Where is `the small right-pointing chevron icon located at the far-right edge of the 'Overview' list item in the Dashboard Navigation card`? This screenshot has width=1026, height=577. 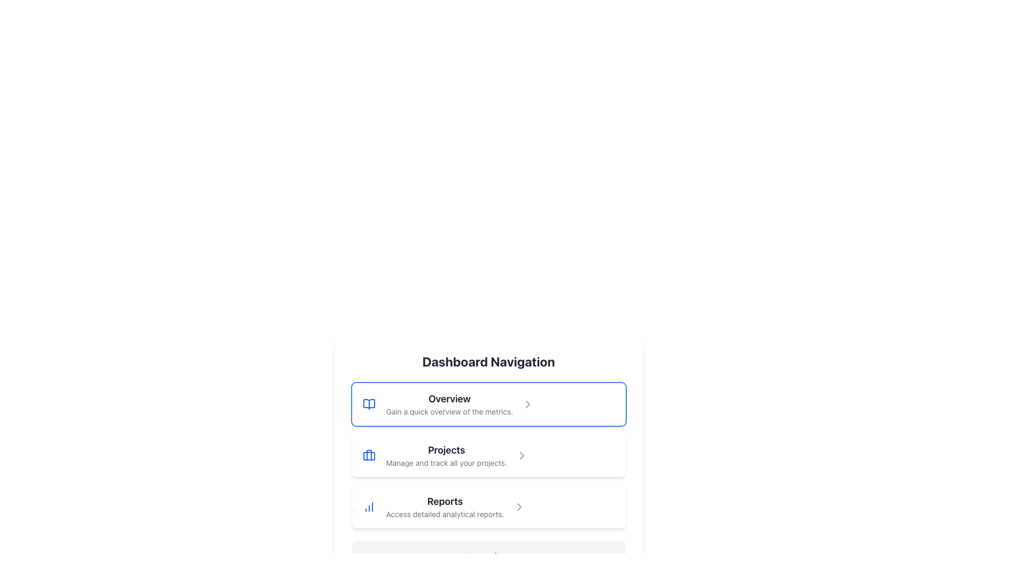
the small right-pointing chevron icon located at the far-right edge of the 'Overview' list item in the Dashboard Navigation card is located at coordinates (528, 404).